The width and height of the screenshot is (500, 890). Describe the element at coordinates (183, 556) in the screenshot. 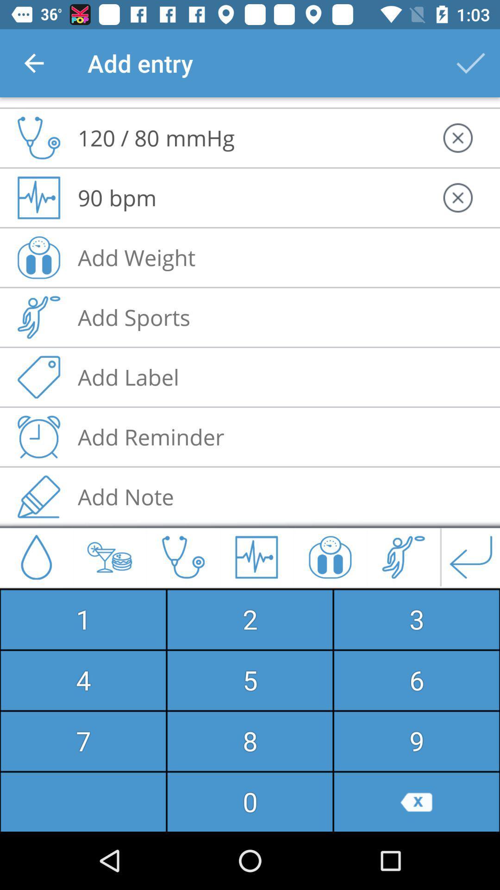

I see `the stethoscope icon` at that location.